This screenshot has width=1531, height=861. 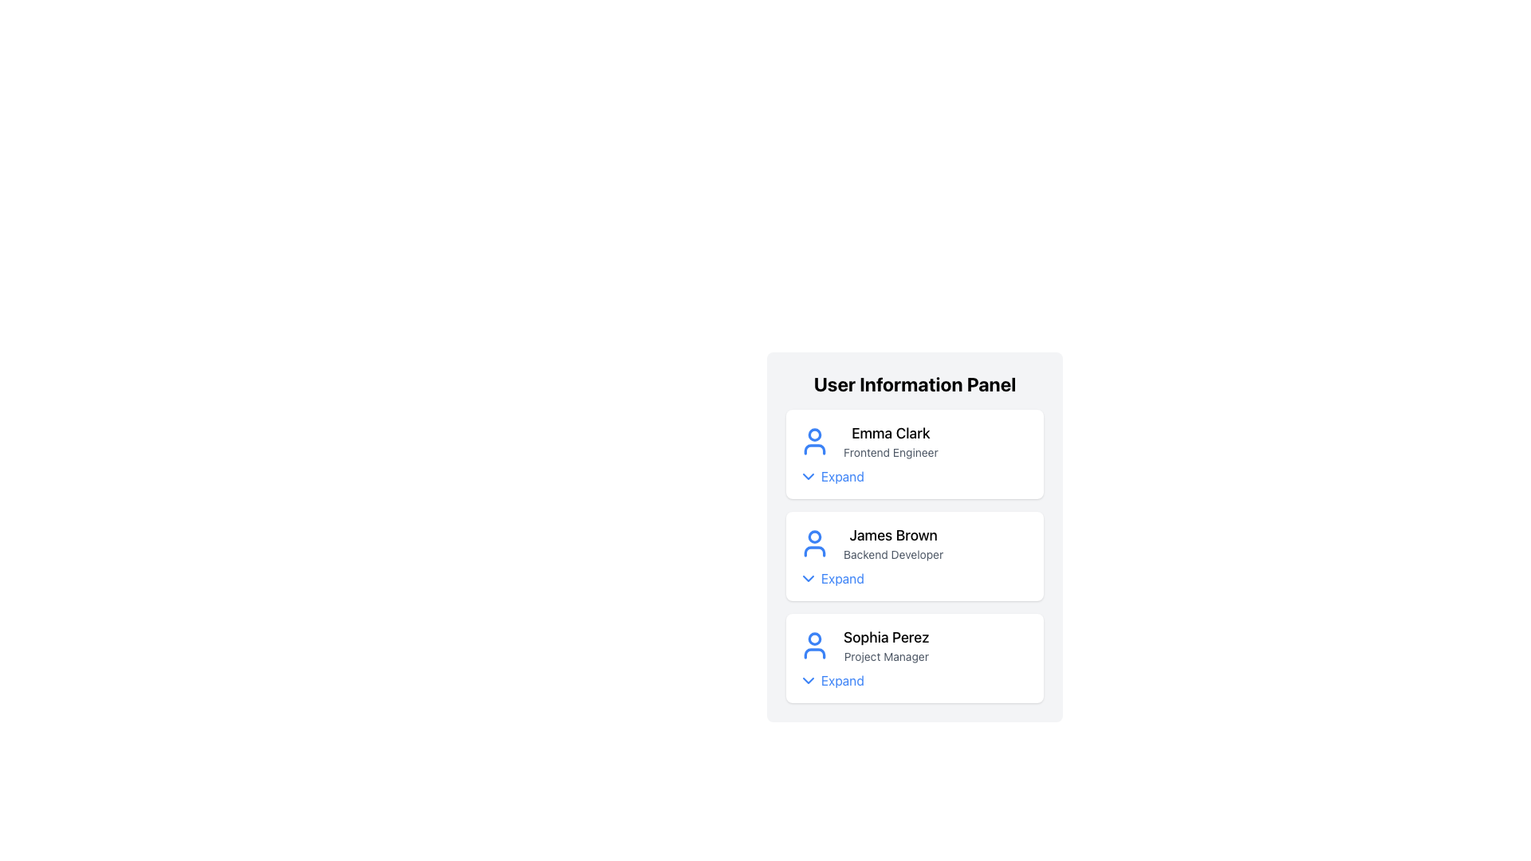 I want to click on user information displayed in the text label showing 'Sophia Perez' and 'Project Manager', which is the third user information block in the list, positioned below 'James Brown, Backend Developer', so click(x=885, y=646).